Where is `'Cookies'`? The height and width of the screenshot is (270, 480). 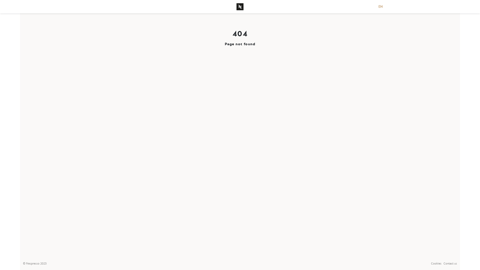 'Cookies' is located at coordinates (436, 263).